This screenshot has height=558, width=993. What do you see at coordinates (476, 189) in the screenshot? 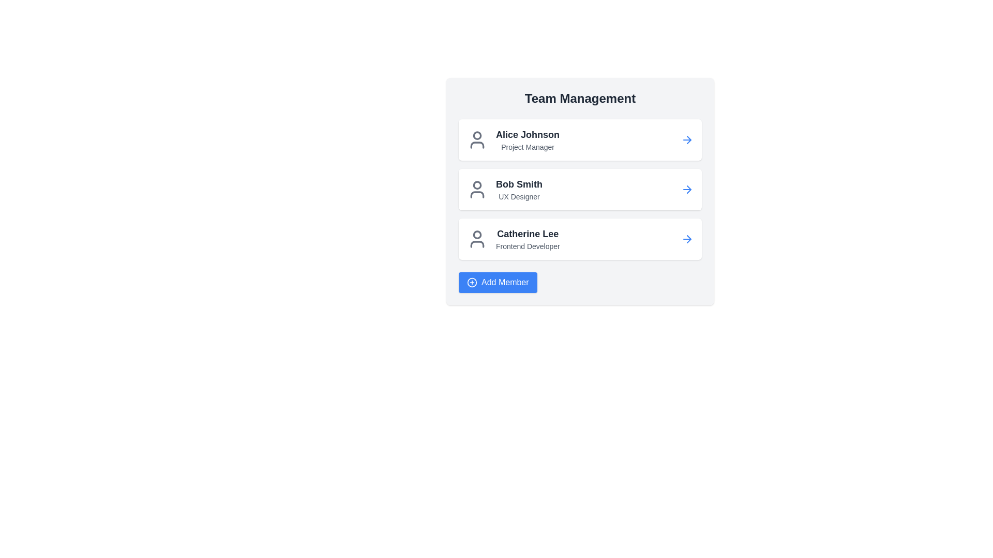
I see `the user icon representing 'Bob Smith'` at bounding box center [476, 189].